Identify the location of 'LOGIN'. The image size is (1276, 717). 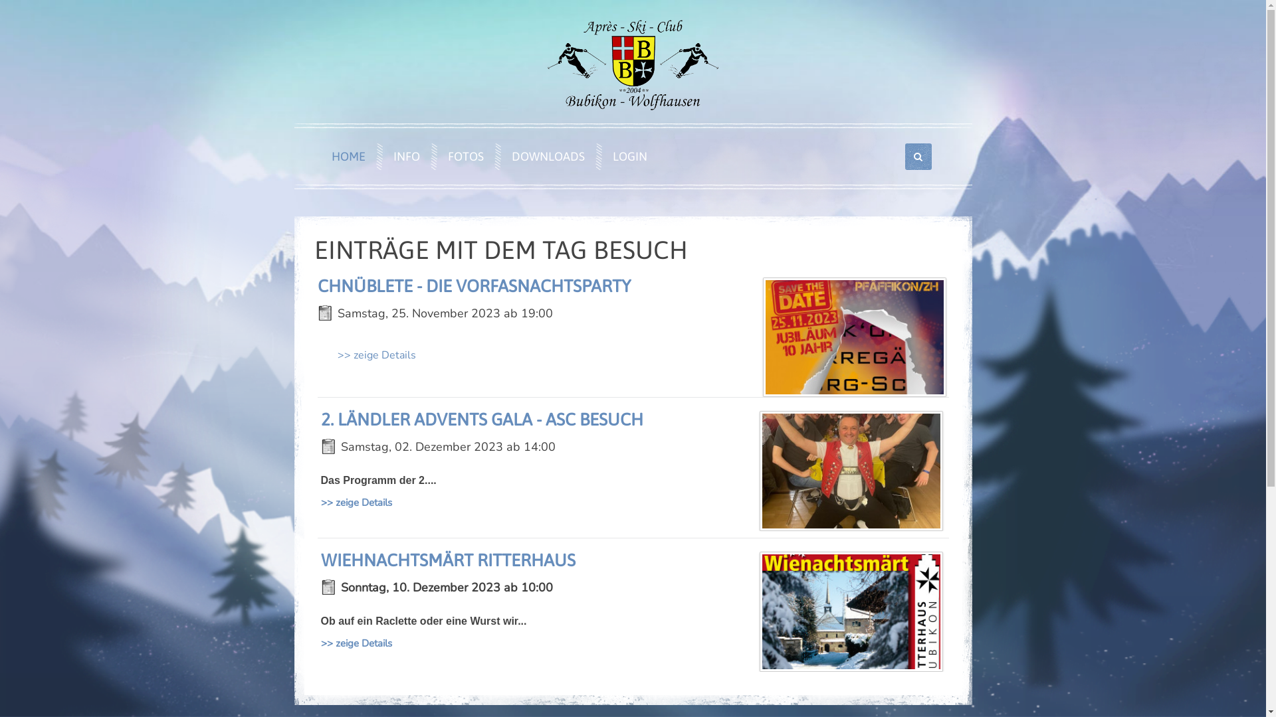
(625, 155).